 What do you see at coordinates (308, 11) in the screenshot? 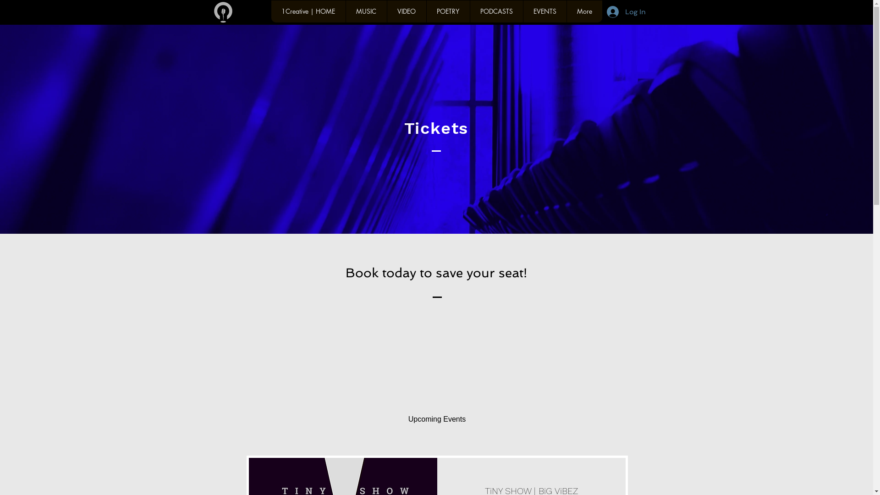
I see `'1Creative | HOME'` at bounding box center [308, 11].